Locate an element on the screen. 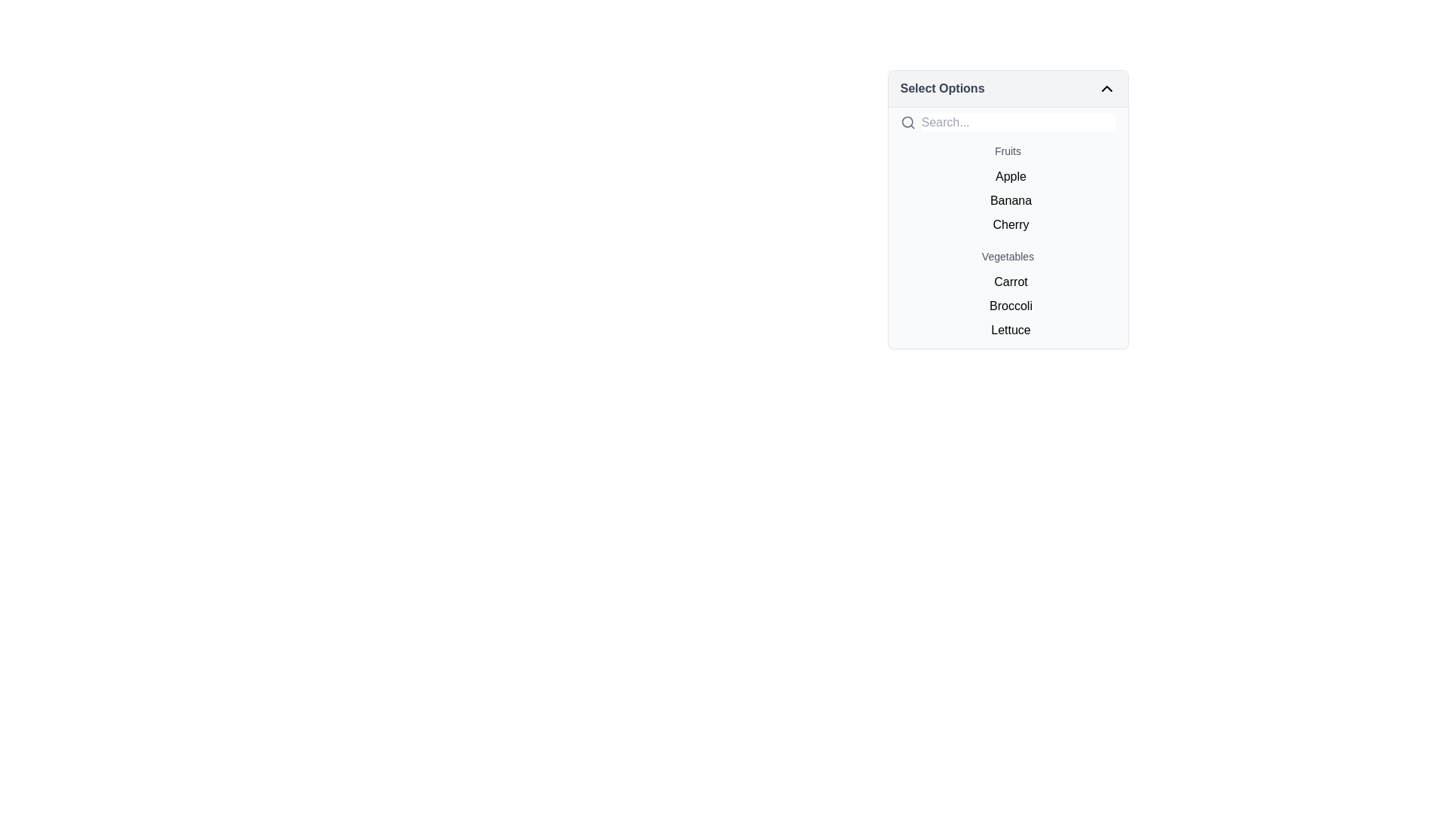  the dropdown menu element displaying 'Fruits' options including 'Apple', 'Banana', and 'Cherry' is located at coordinates (1008, 196).